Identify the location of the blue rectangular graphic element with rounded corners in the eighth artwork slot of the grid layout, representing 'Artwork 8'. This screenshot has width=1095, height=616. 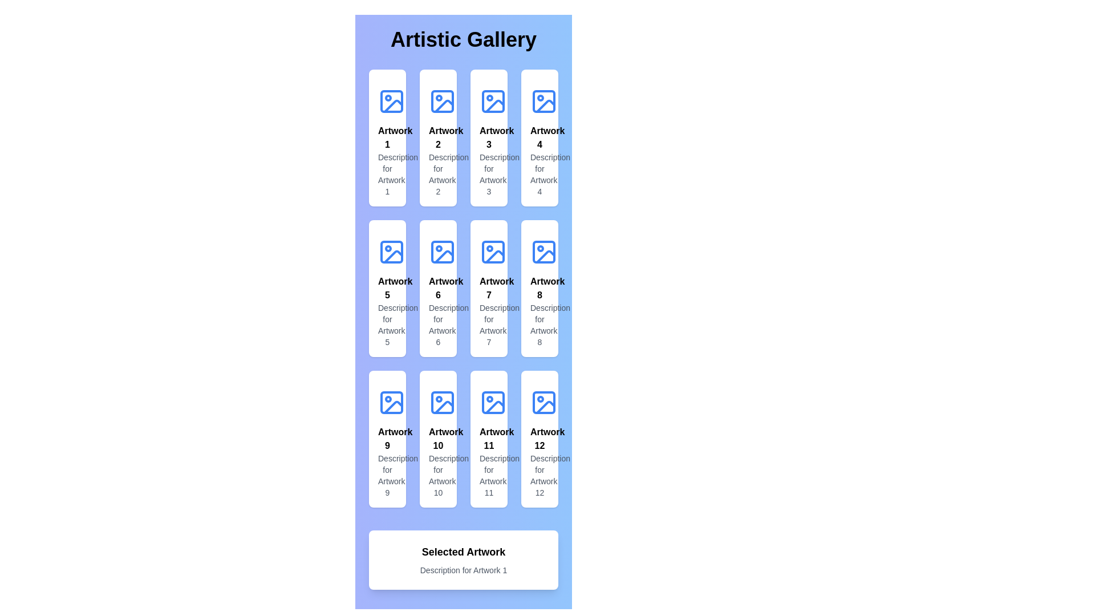
(544, 252).